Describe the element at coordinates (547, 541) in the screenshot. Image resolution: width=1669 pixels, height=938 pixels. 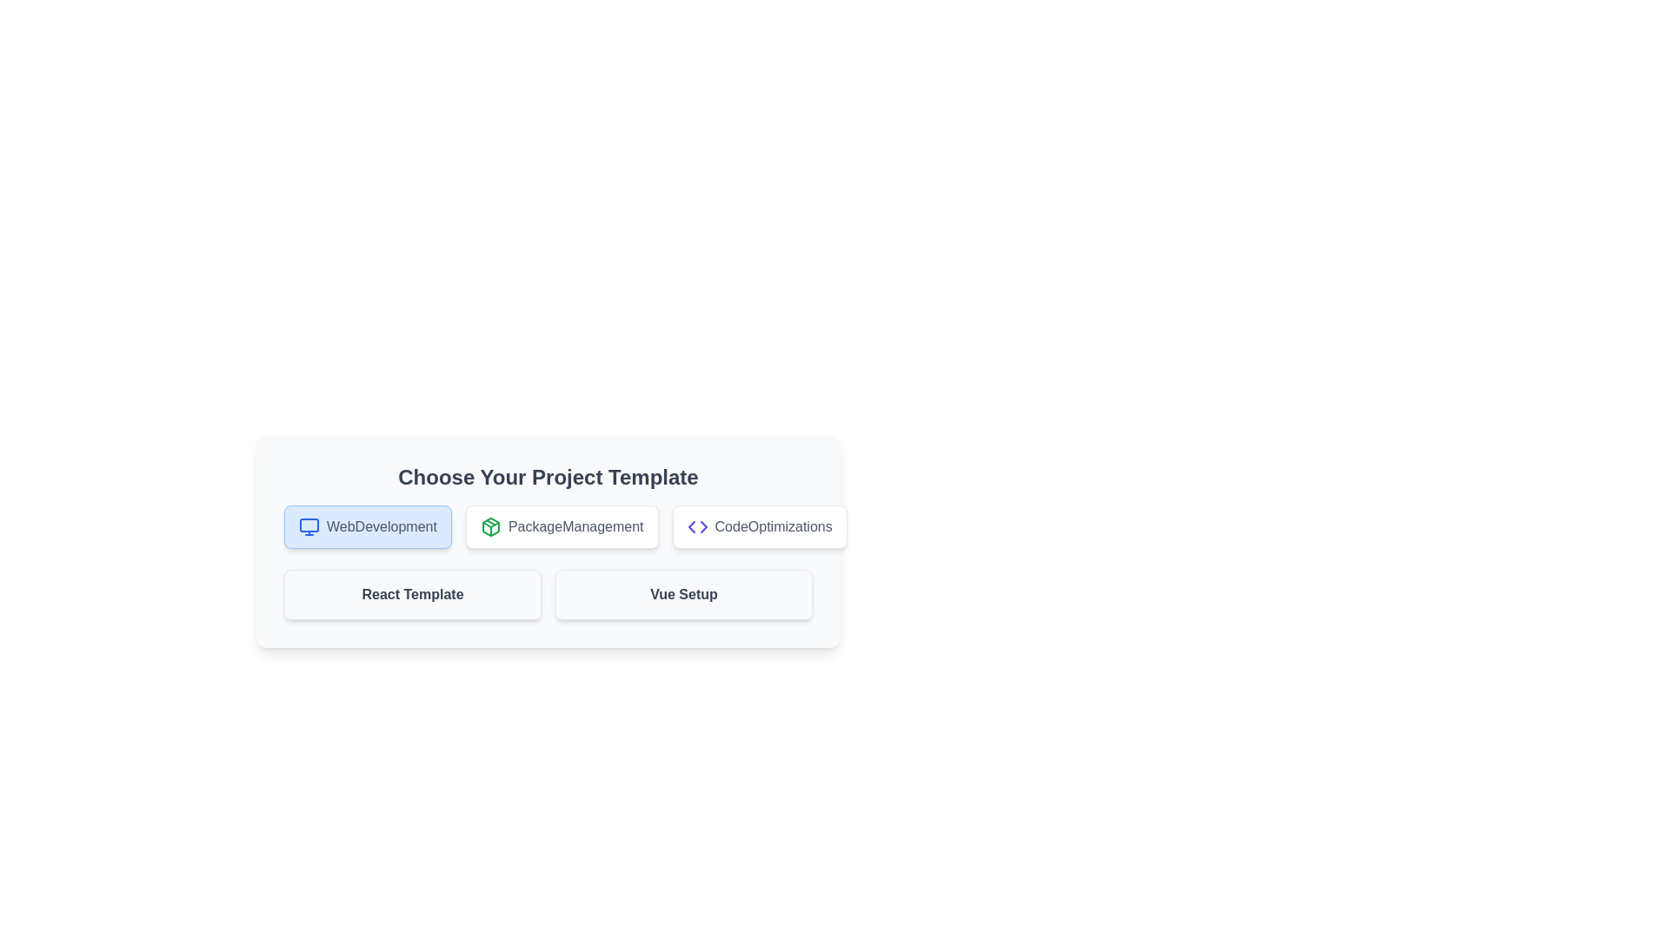
I see `the second button labeled 'PackageManagement' under the header 'Choose Your Project Template'` at that location.